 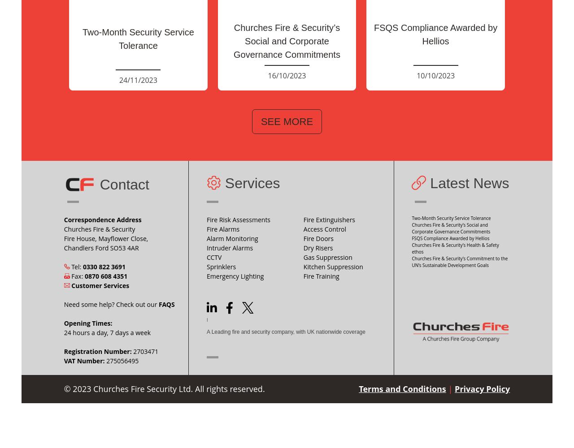 What do you see at coordinates (235, 275) in the screenshot?
I see `'Emergency Lighting'` at bounding box center [235, 275].